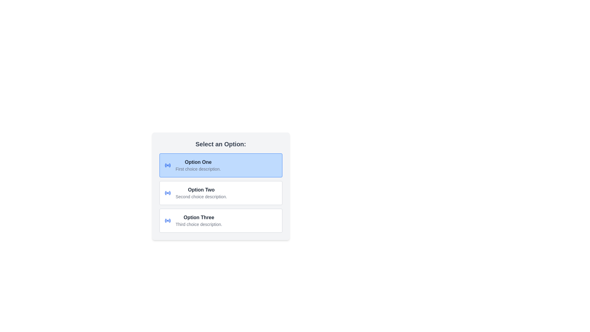 Image resolution: width=590 pixels, height=332 pixels. Describe the element at coordinates (201, 197) in the screenshot. I see `the static text label that displays 'Second choice description.' which is positioned directly below the 'Option Two' text in a muted gray color` at that location.